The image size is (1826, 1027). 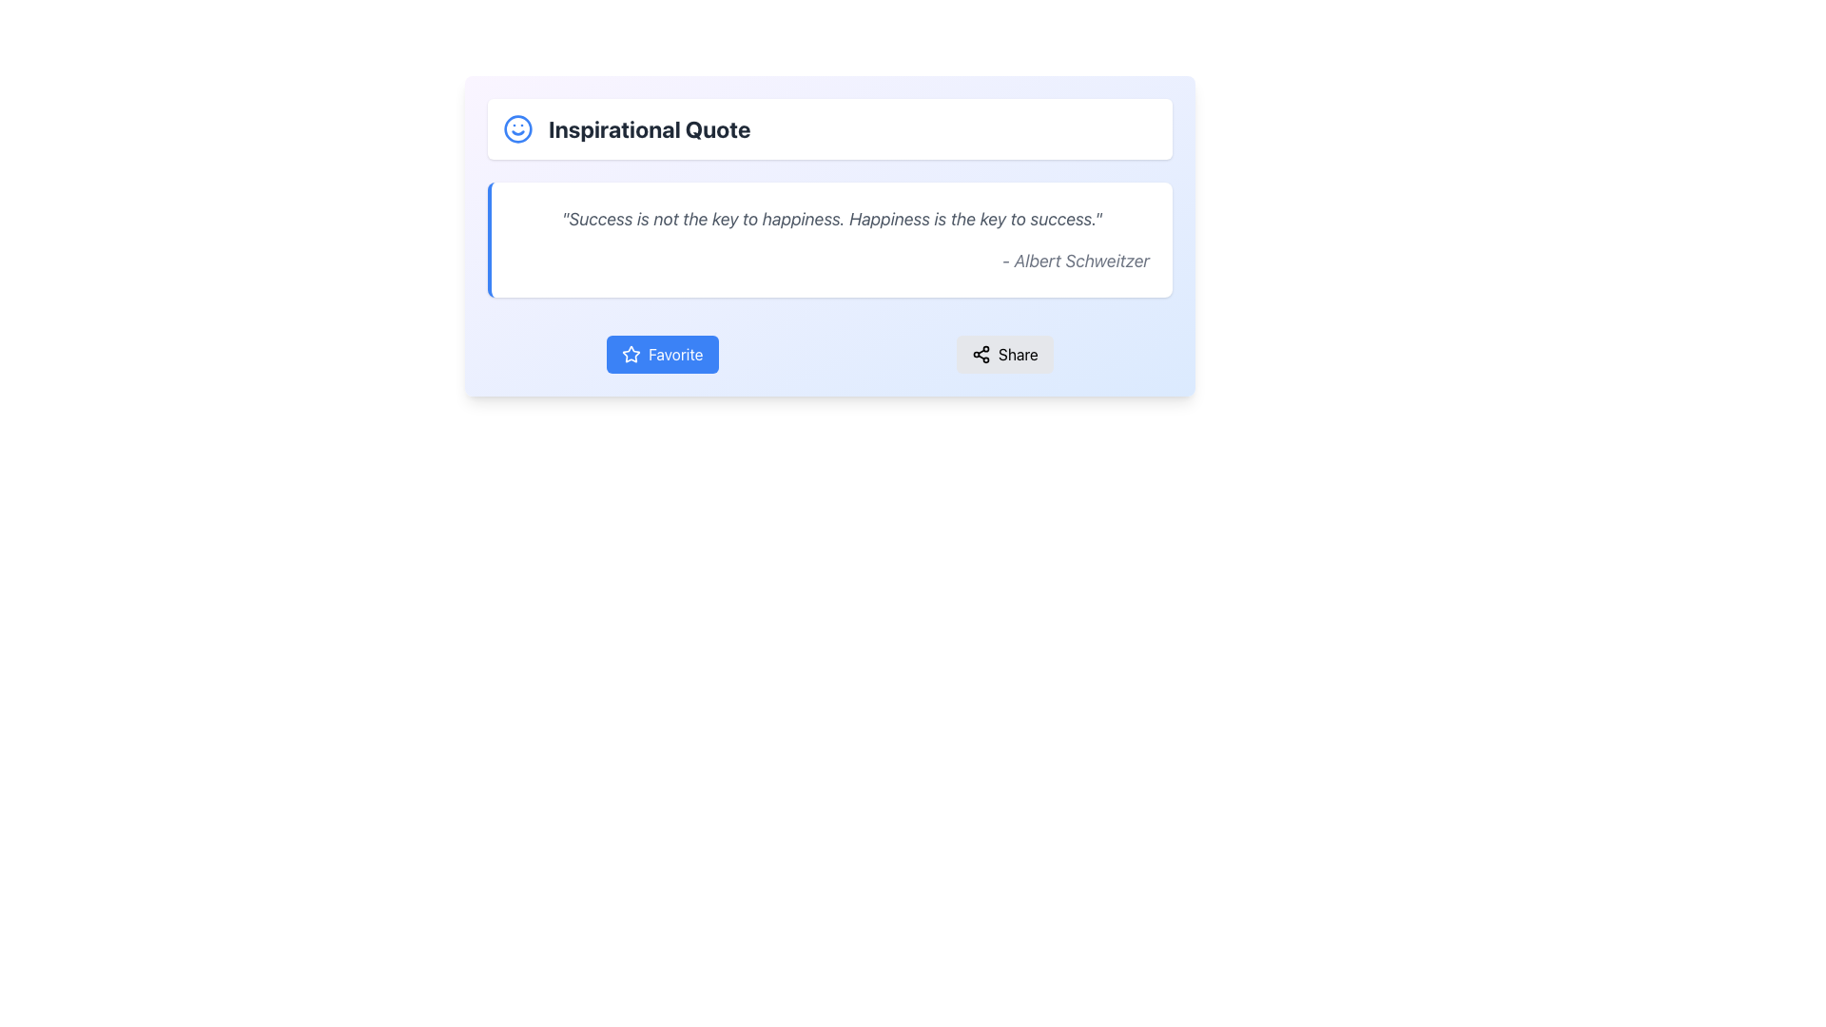 I want to click on the decorative circle within the emoticon icon that visually represents the theme of the content, located to the left of the 'Inspirational Quote' text, so click(x=518, y=128).